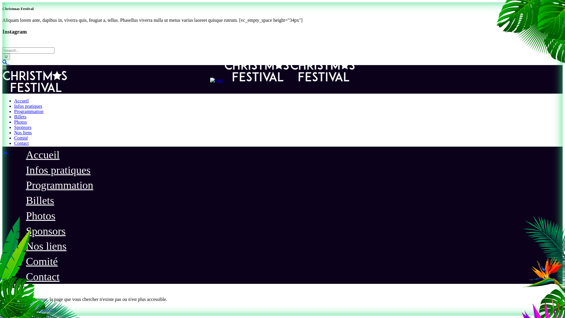 This screenshot has height=318, width=565. I want to click on 'Infos pratiques', so click(28, 106).